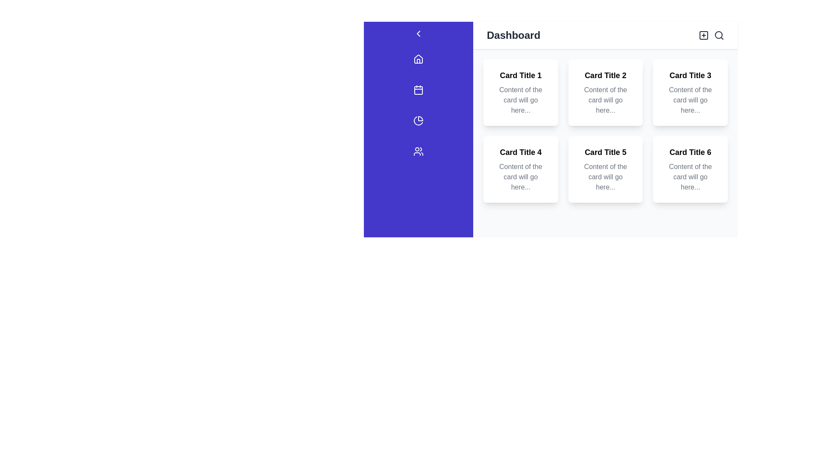 This screenshot has width=820, height=461. I want to click on the purple button with a calendar icon located on the left navigation bar, positioned as the second item below the house icon, so click(418, 92).